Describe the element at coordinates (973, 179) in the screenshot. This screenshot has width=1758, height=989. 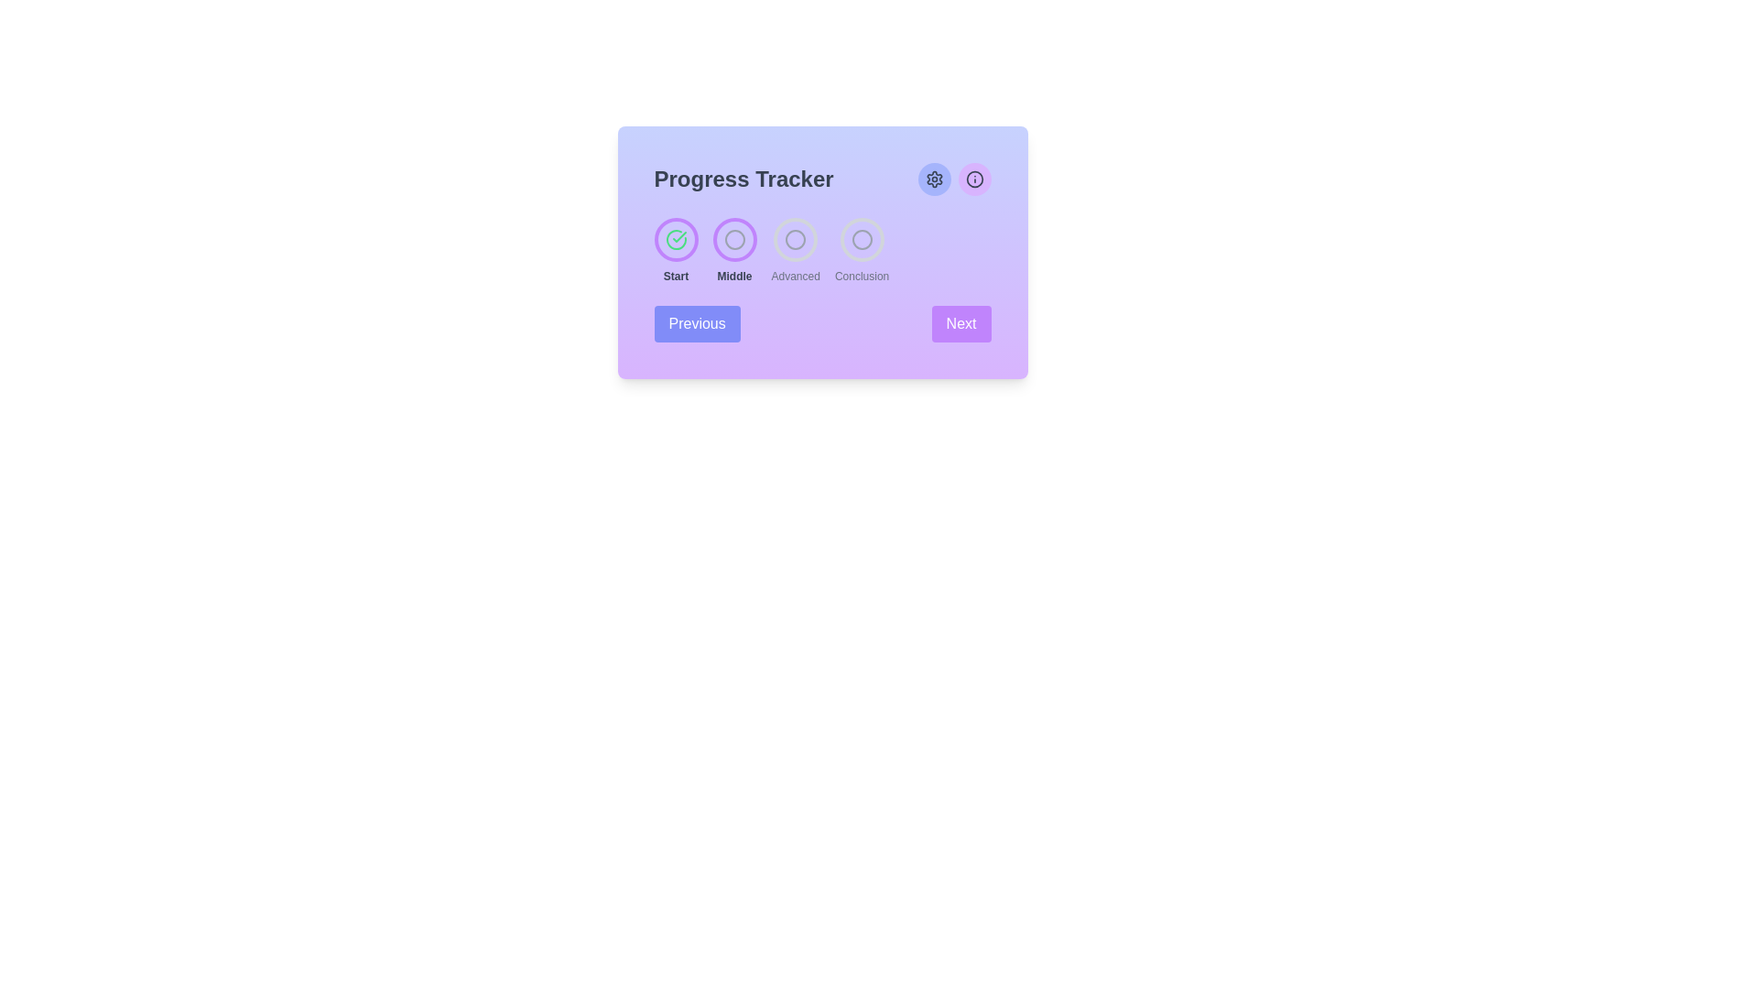
I see `the informational icon located in the top-right corner of the 'Progress Tracker' card` at that location.